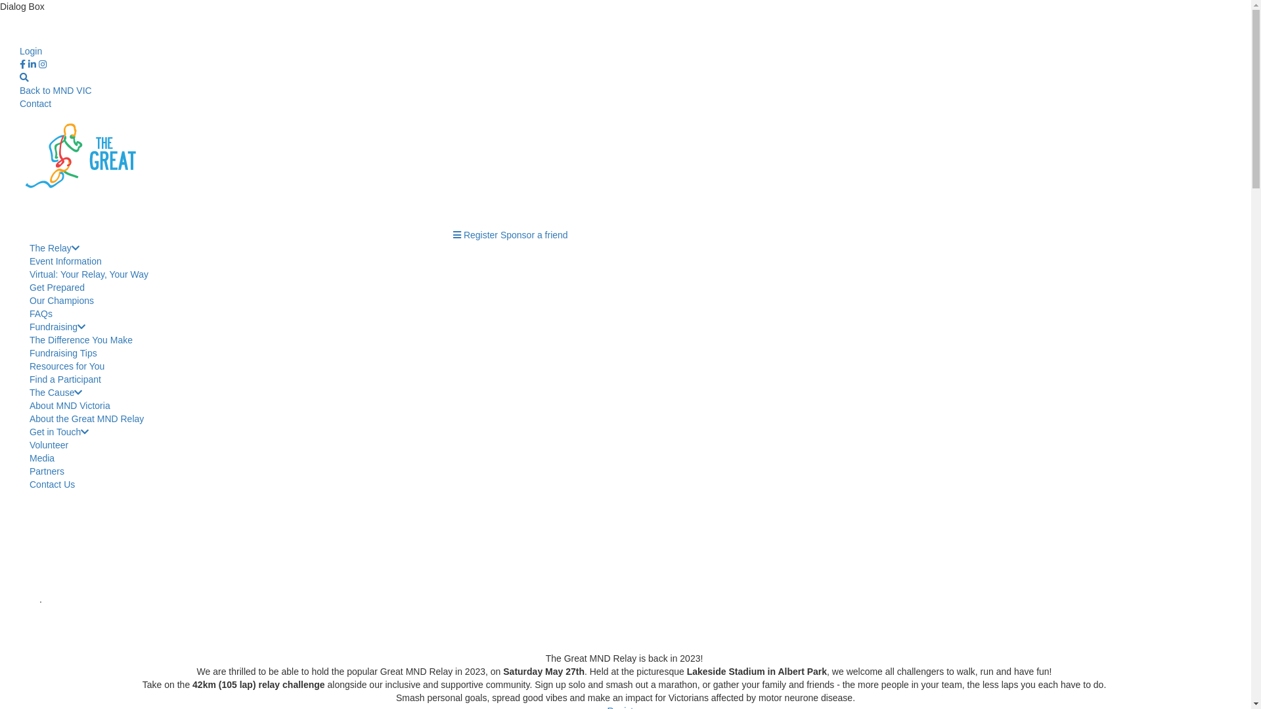 This screenshot has width=1261, height=709. What do you see at coordinates (66, 366) in the screenshot?
I see `'Resources for You'` at bounding box center [66, 366].